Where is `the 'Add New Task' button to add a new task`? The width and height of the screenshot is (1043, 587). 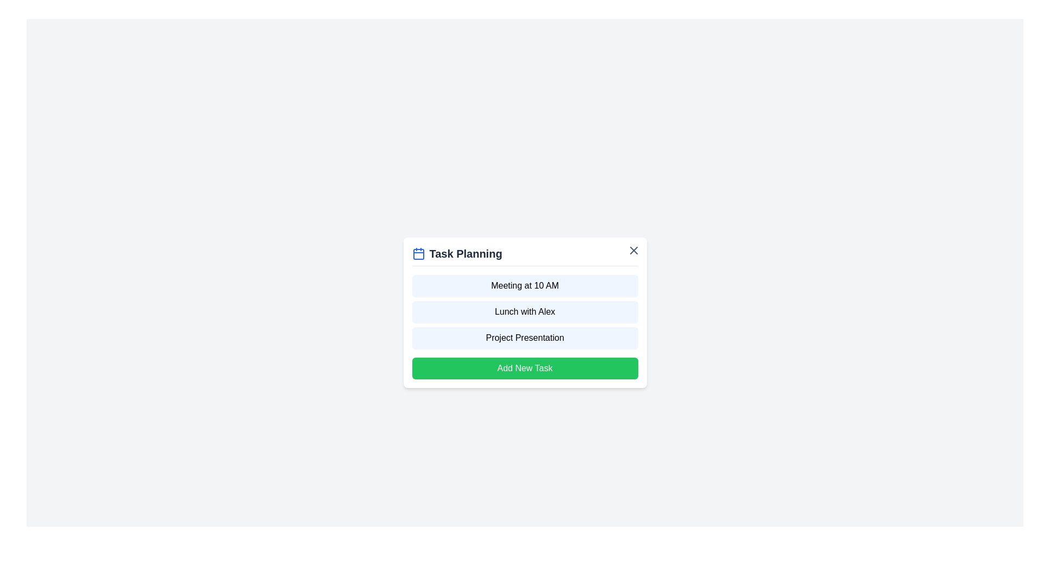 the 'Add New Task' button to add a new task is located at coordinates (525, 367).